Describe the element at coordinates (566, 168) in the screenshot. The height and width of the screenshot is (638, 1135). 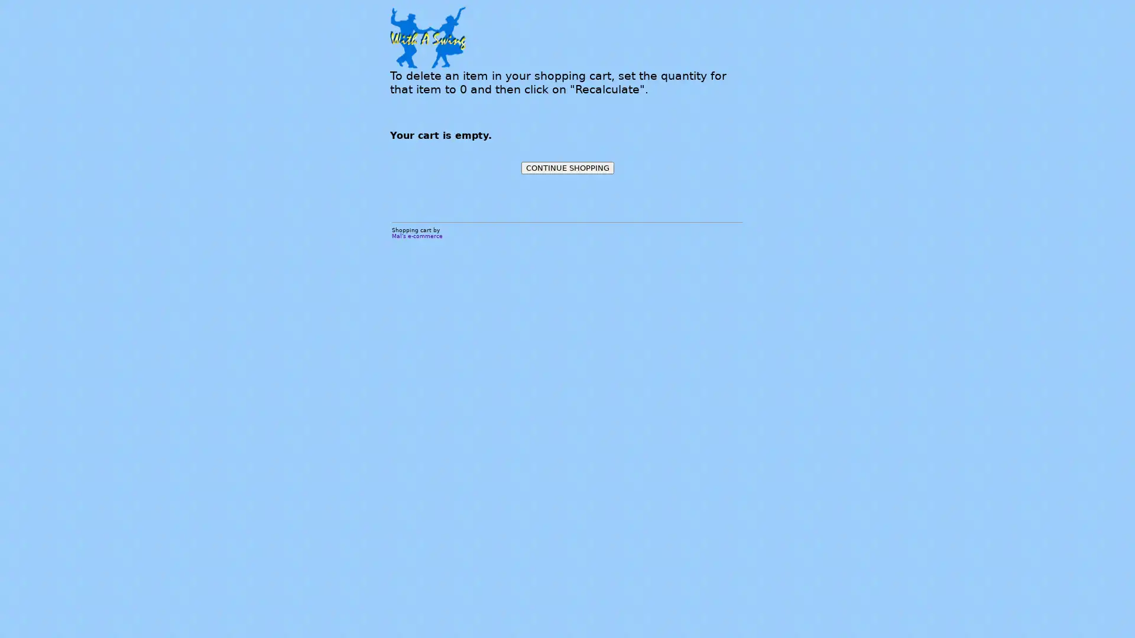
I see `CONTINUE SHOPPING` at that location.